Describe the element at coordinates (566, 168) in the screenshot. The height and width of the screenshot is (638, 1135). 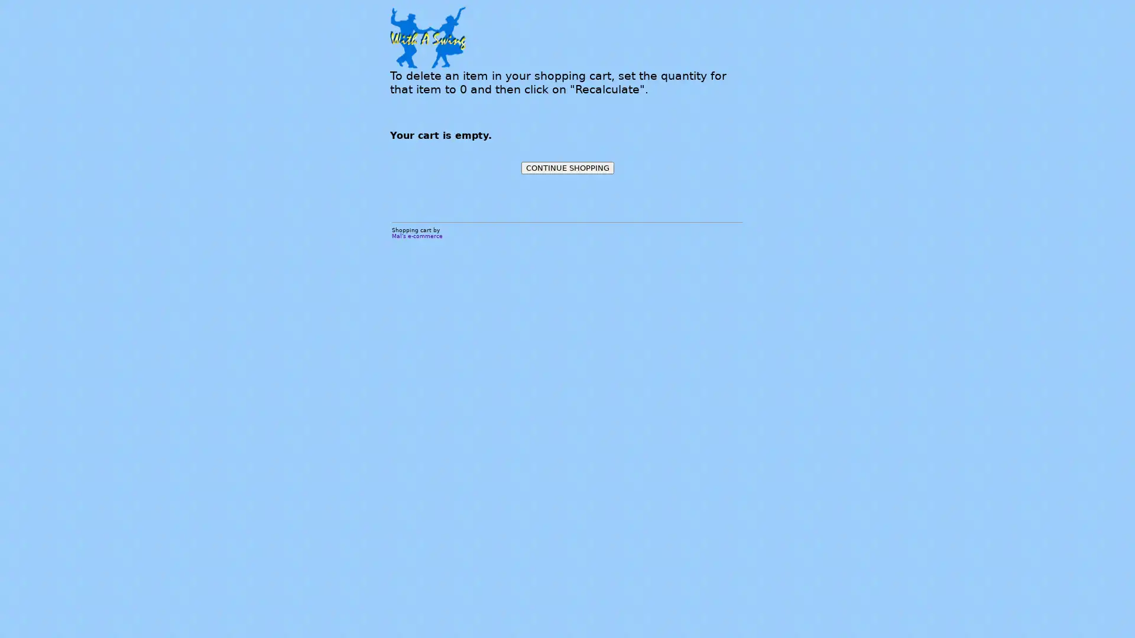
I see `CONTINUE SHOPPING` at that location.